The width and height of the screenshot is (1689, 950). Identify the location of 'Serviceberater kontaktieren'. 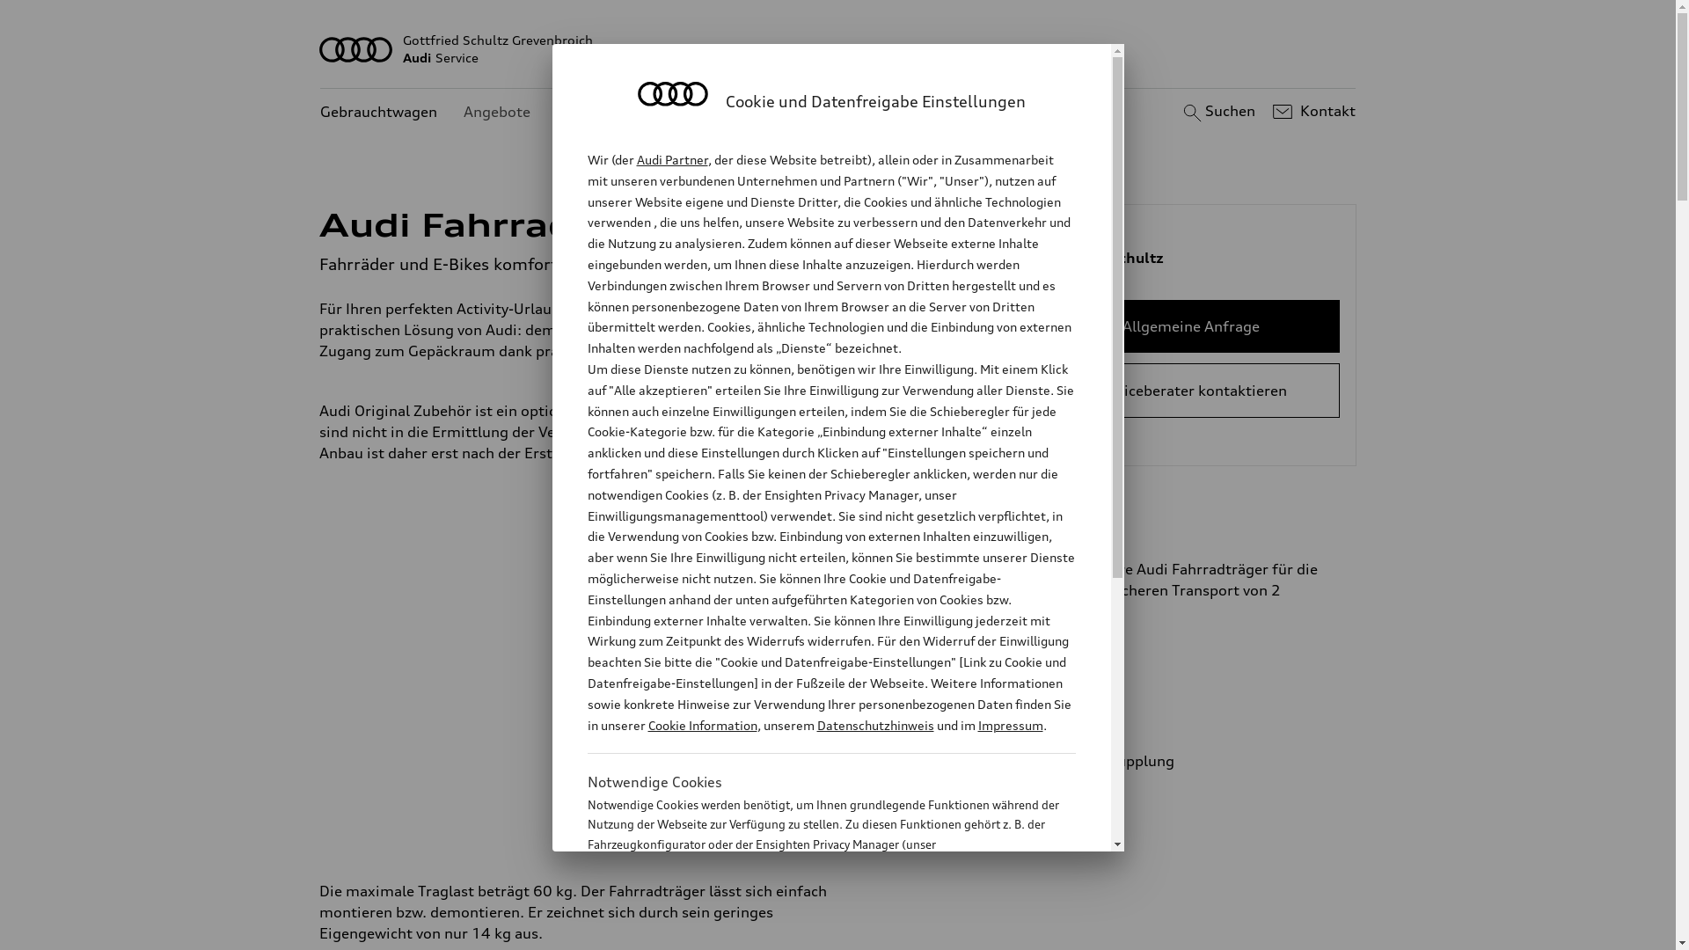
(1190, 389).